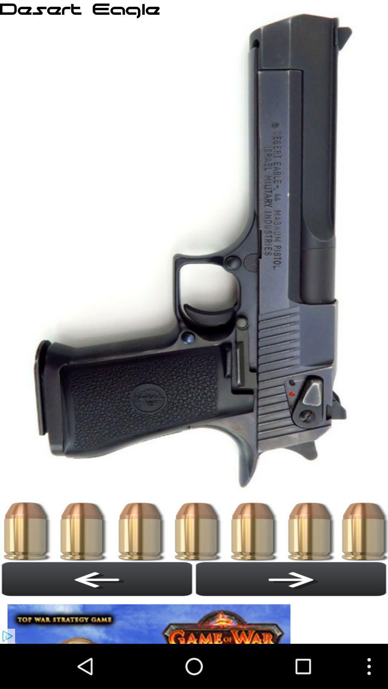 The width and height of the screenshot is (388, 689). What do you see at coordinates (151, 620) in the screenshot?
I see `open the advertisement link` at bounding box center [151, 620].